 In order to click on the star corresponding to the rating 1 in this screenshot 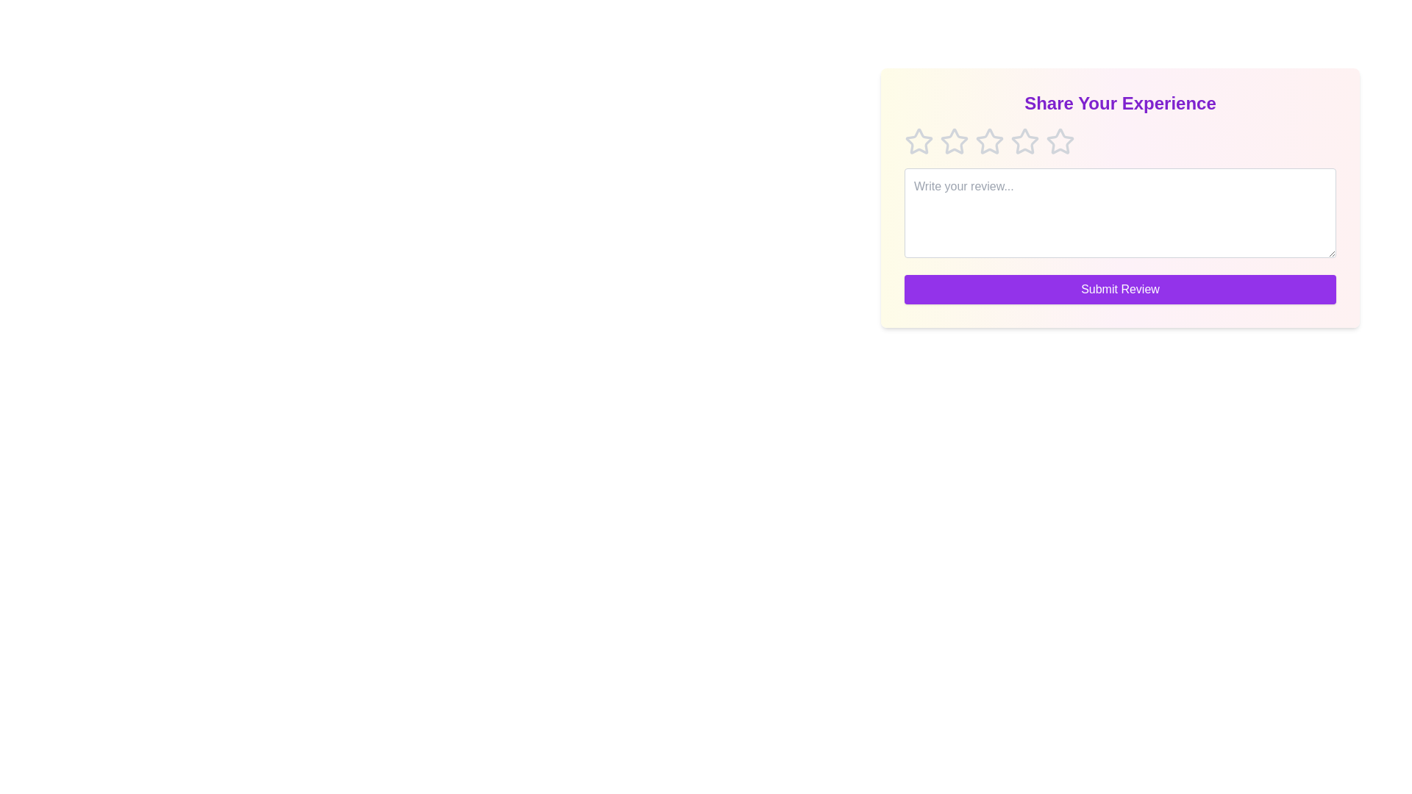, I will do `click(918, 141)`.